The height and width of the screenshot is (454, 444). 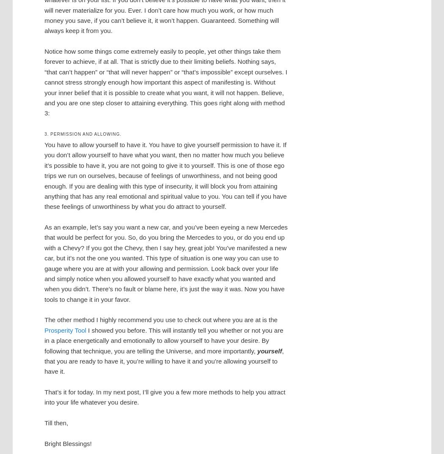 I want to click on 'The other method I highly recommend you use to check out where you are at is the', so click(x=161, y=319).